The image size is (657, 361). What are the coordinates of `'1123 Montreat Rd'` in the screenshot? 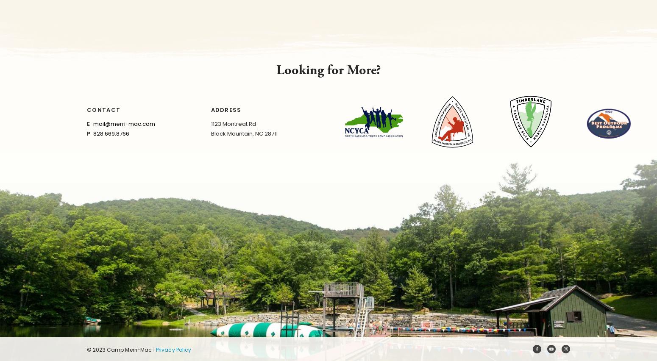 It's located at (233, 123).